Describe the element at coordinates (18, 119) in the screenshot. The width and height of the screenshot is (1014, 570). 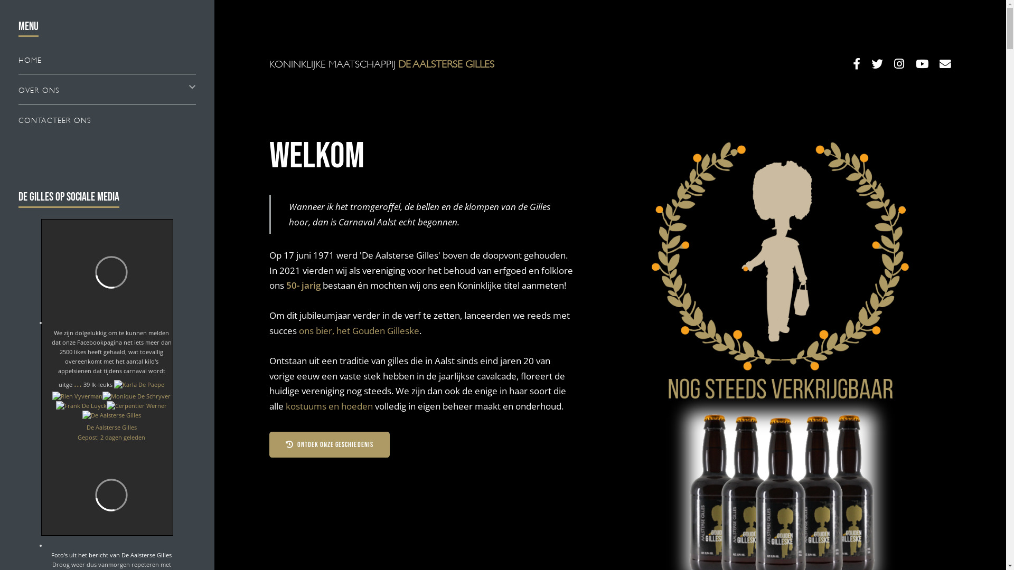
I see `'CONTACTEER ONS'` at that location.